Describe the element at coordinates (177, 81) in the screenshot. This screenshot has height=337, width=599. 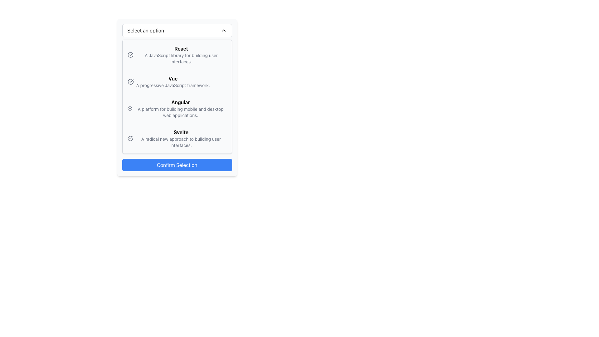
I see `to select the second option in the list for choosing a JavaScript framework, which is positioned below 'React' and above 'Angular'` at that location.